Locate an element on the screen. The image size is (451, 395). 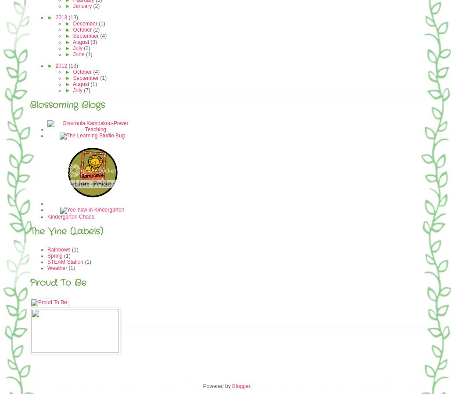
'Proud To Be' is located at coordinates (58, 282).